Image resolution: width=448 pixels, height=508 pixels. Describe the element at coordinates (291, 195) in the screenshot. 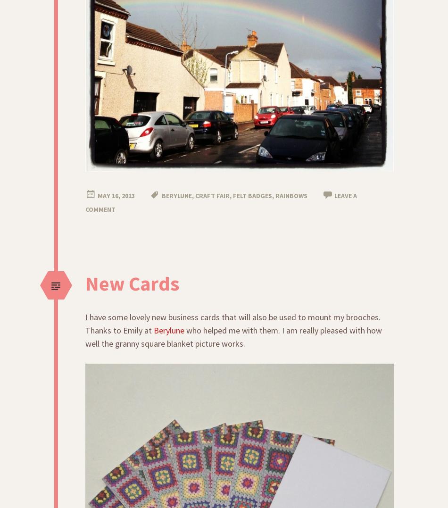

I see `'rainbows'` at that location.